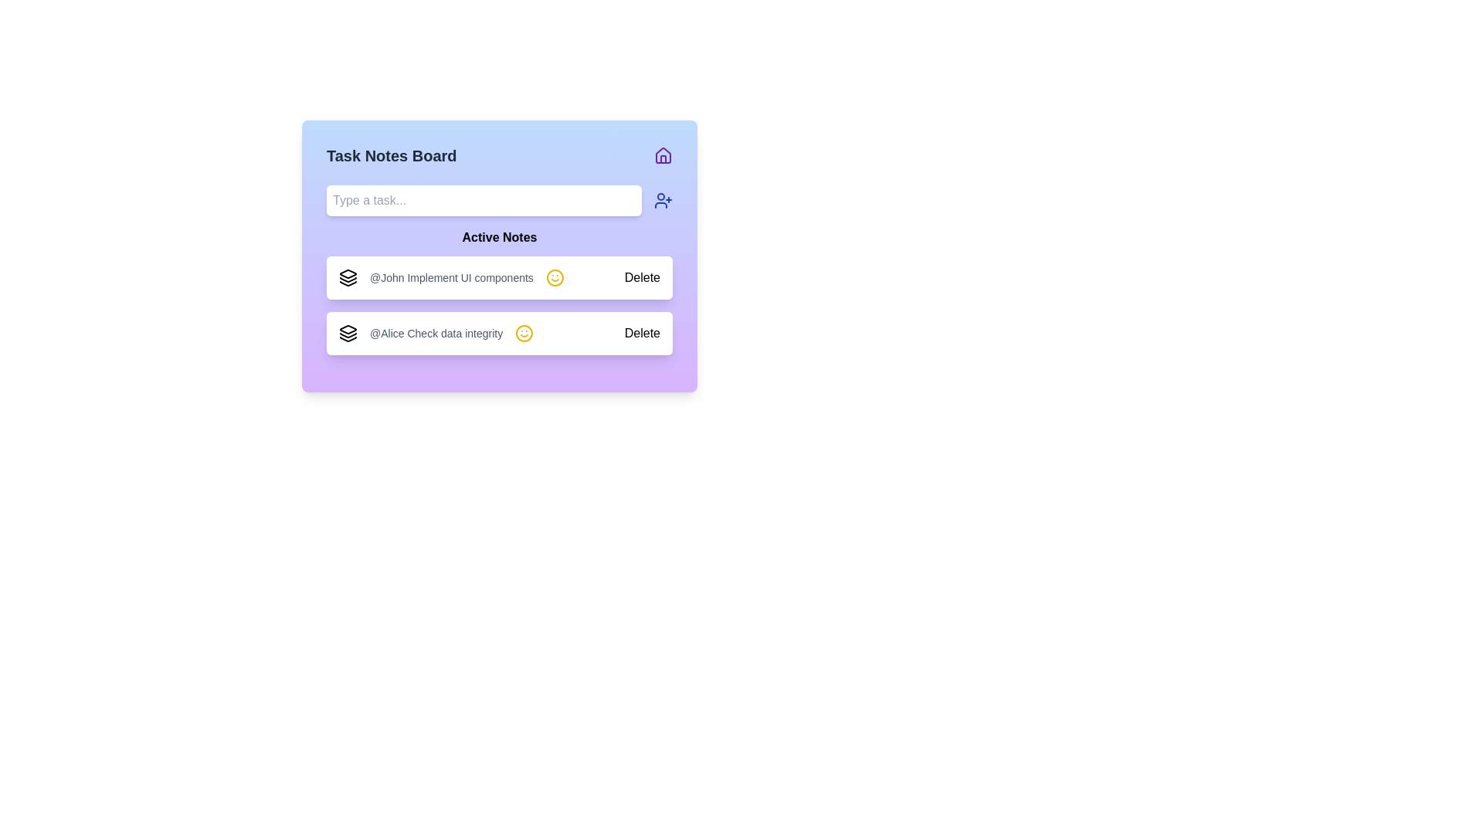 The height and width of the screenshot is (834, 1483). What do you see at coordinates (663, 199) in the screenshot?
I see `the blue user icon with a plus sign` at bounding box center [663, 199].